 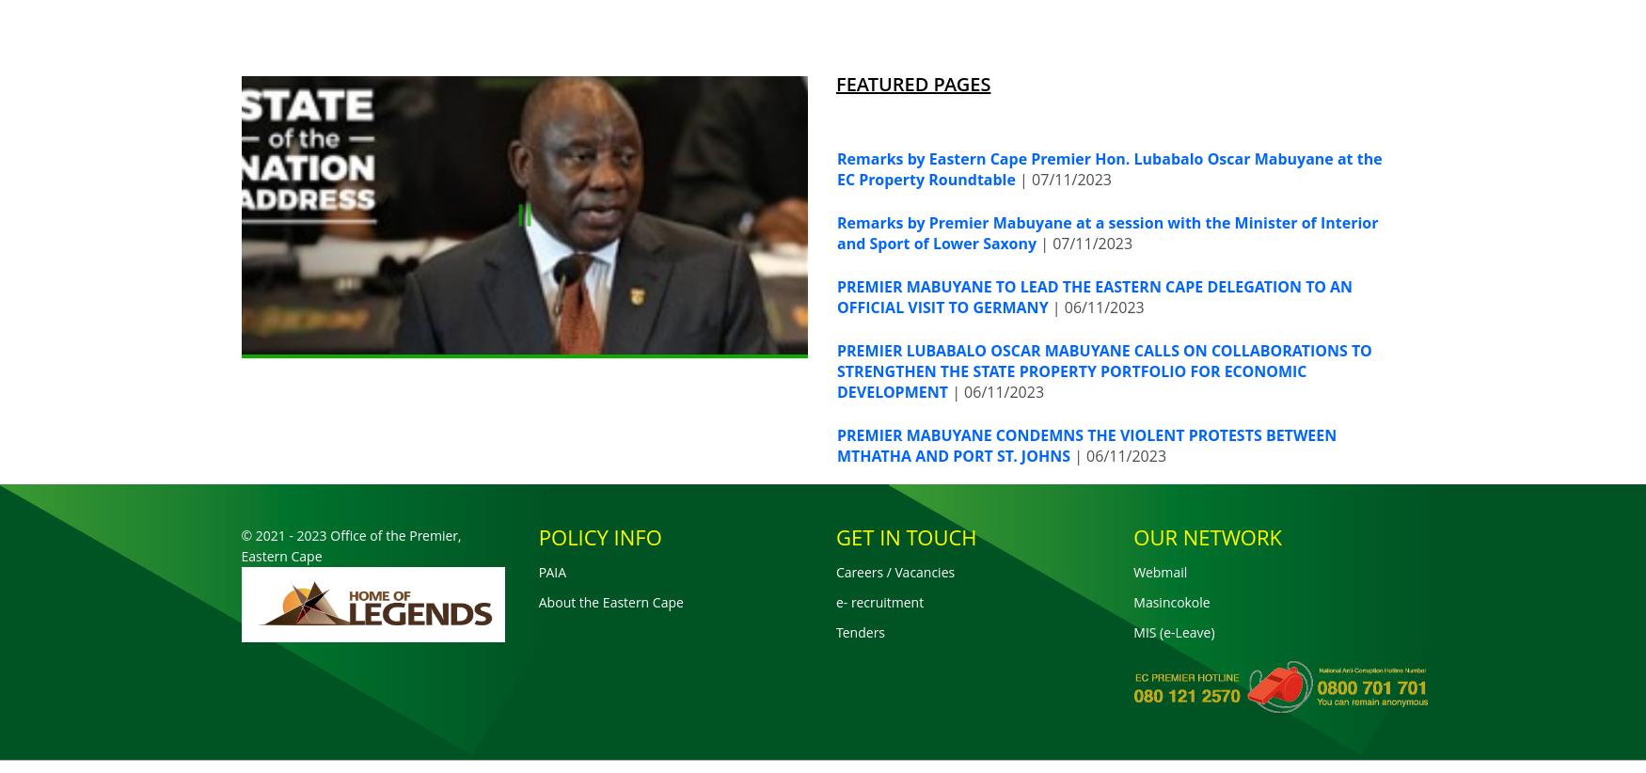 What do you see at coordinates (1133, 570) in the screenshot?
I see `'Webmail'` at bounding box center [1133, 570].